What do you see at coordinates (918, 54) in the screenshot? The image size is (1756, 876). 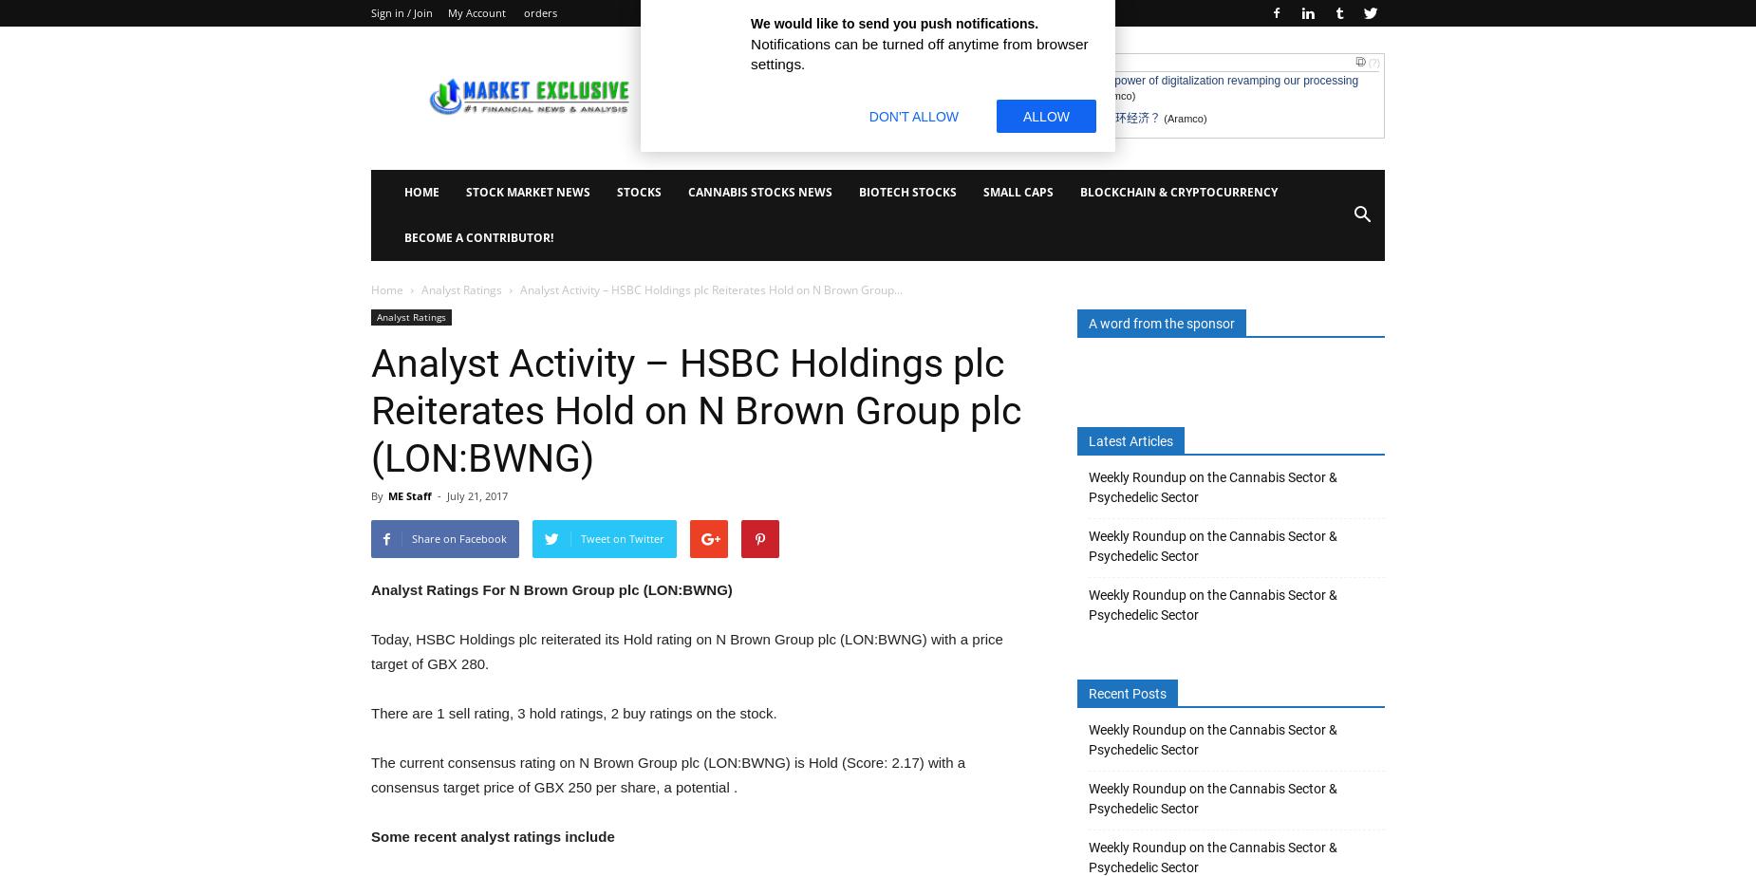 I see `'Notifications can be turned off anytime from browser settings.'` at bounding box center [918, 54].